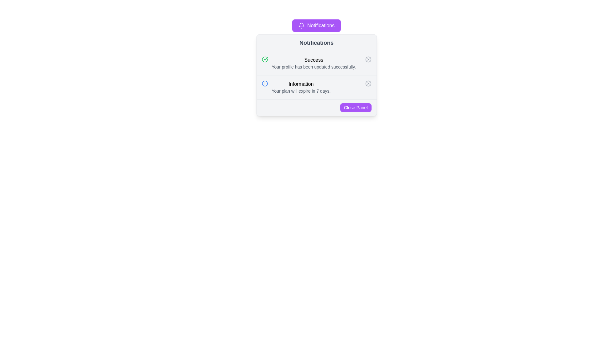  Describe the element at coordinates (314, 67) in the screenshot. I see `the confirmation message text label indicating successful profile update, located in the notification panel under the 'Success' label` at that location.